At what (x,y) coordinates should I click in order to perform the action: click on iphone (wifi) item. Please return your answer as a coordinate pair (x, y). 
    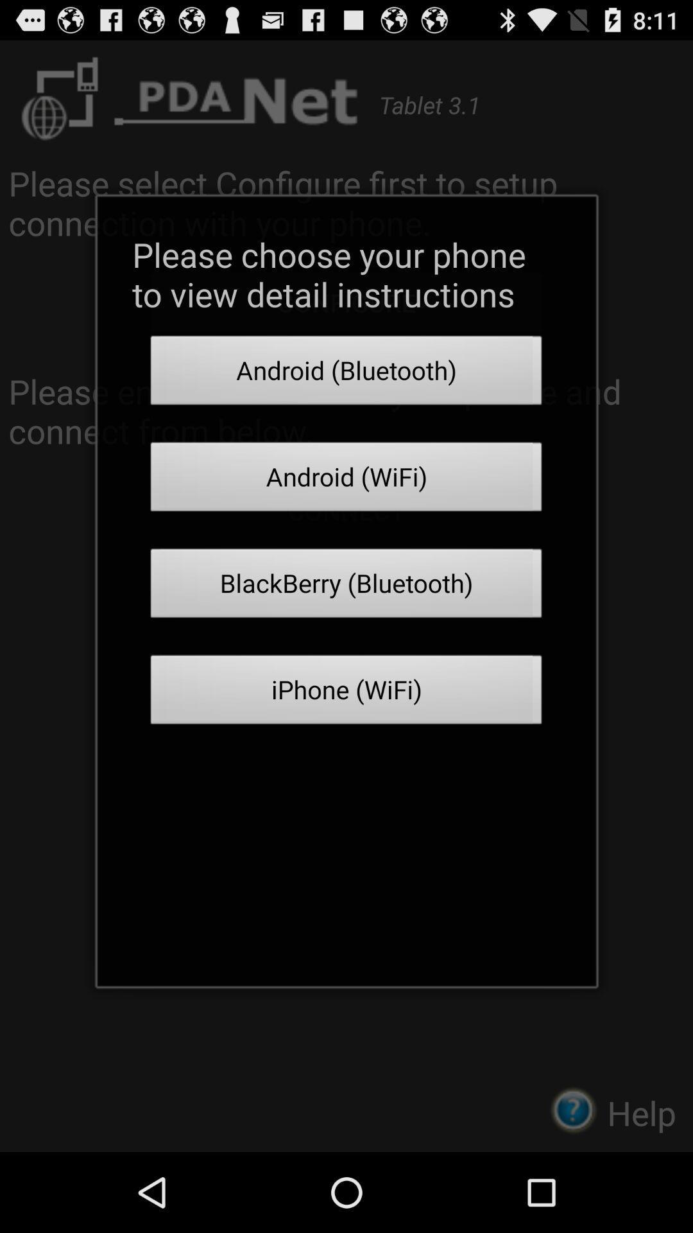
    Looking at the image, I should click on (346, 693).